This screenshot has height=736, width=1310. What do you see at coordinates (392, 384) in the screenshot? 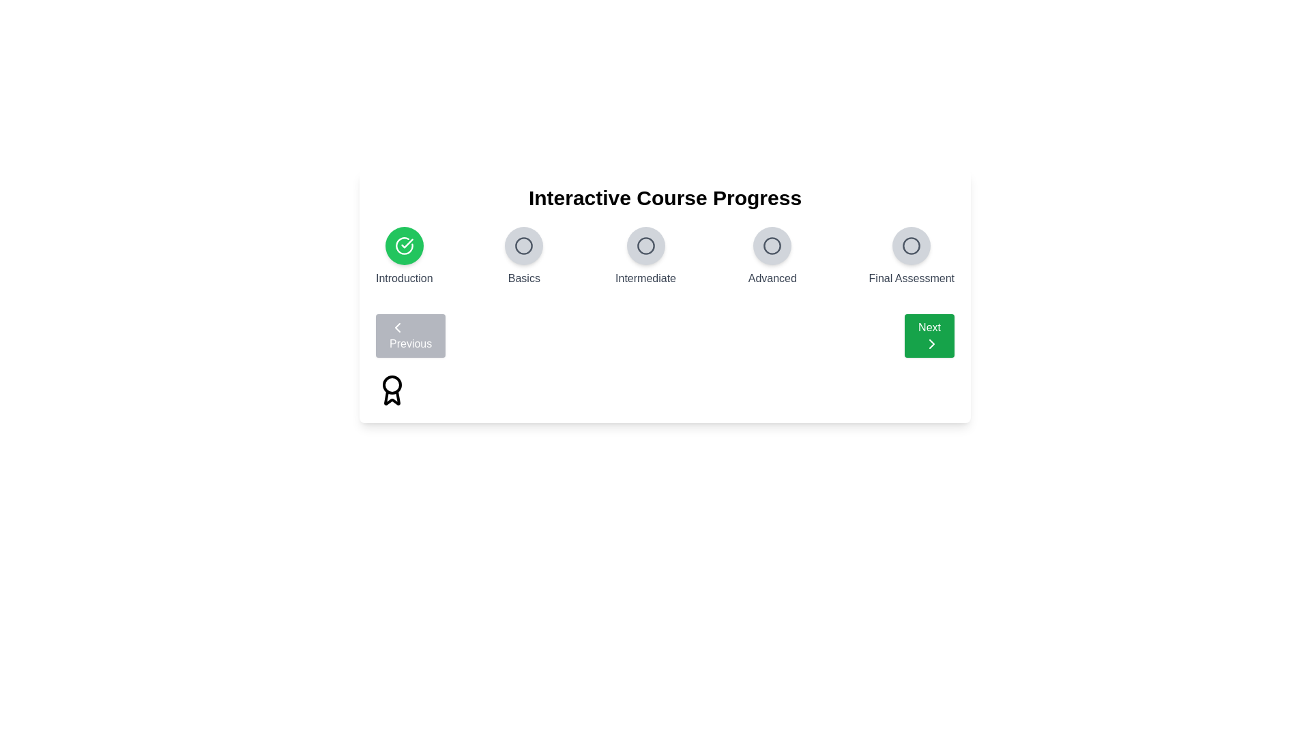
I see `the inner circle of the award badge located near the bottom-left corner of the interface, which is part of an SVG graphic` at bounding box center [392, 384].